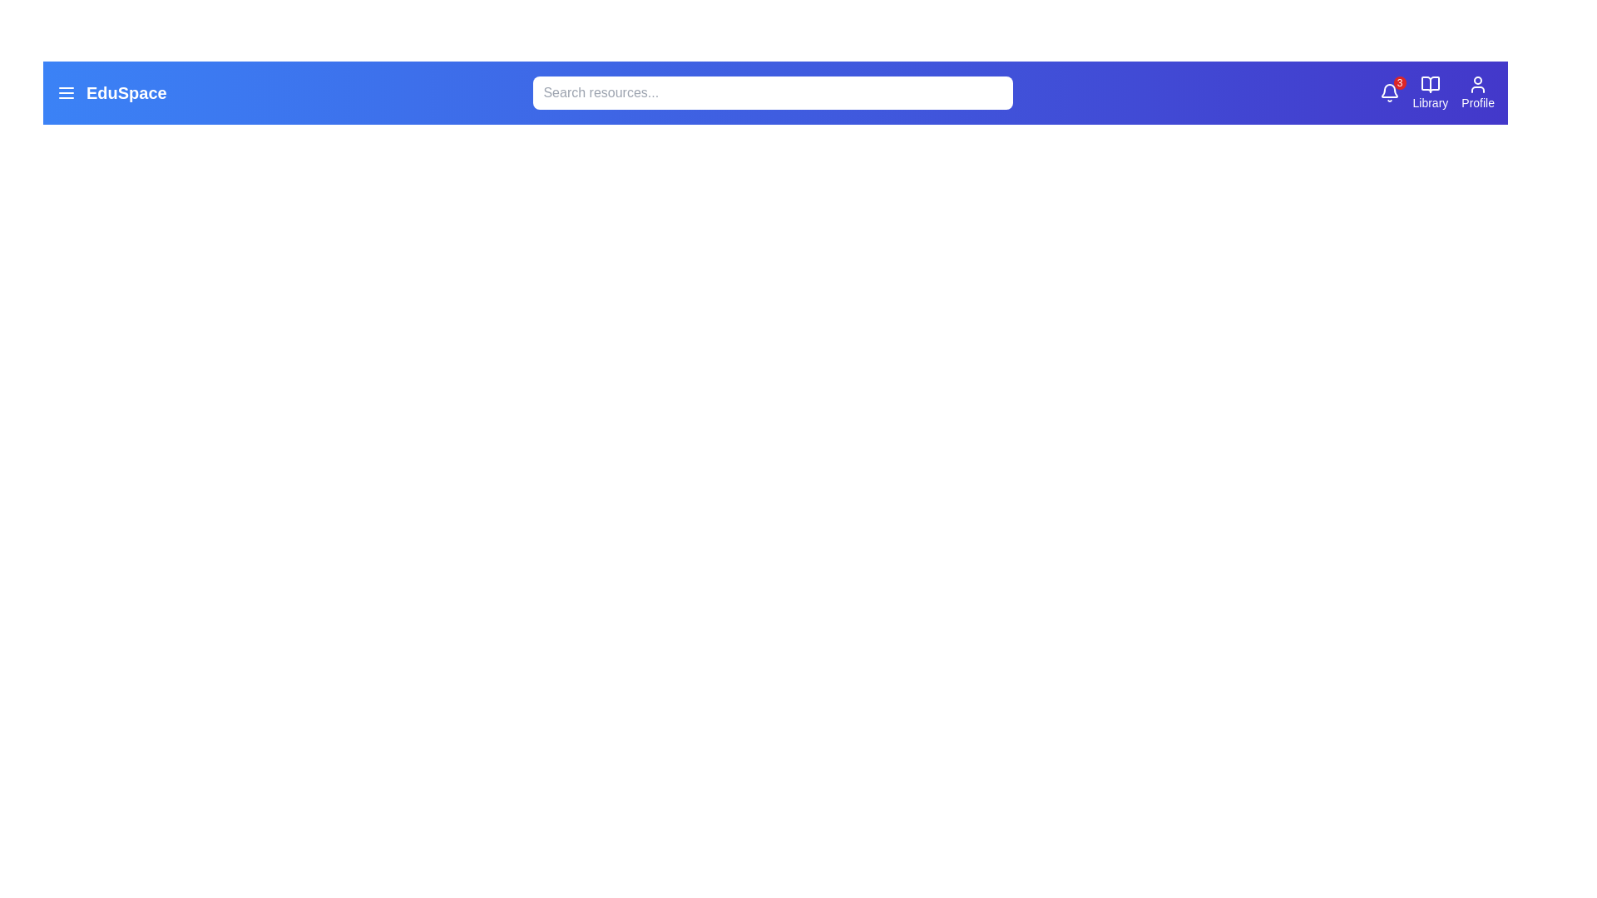 Image resolution: width=1597 pixels, height=898 pixels. Describe the element at coordinates (1389, 92) in the screenshot. I see `the bell icon to access notifications` at that location.